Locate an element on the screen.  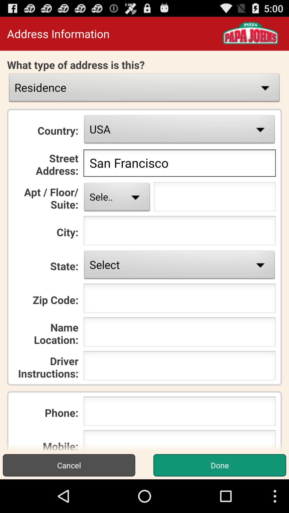
the name is located at coordinates (180, 333).